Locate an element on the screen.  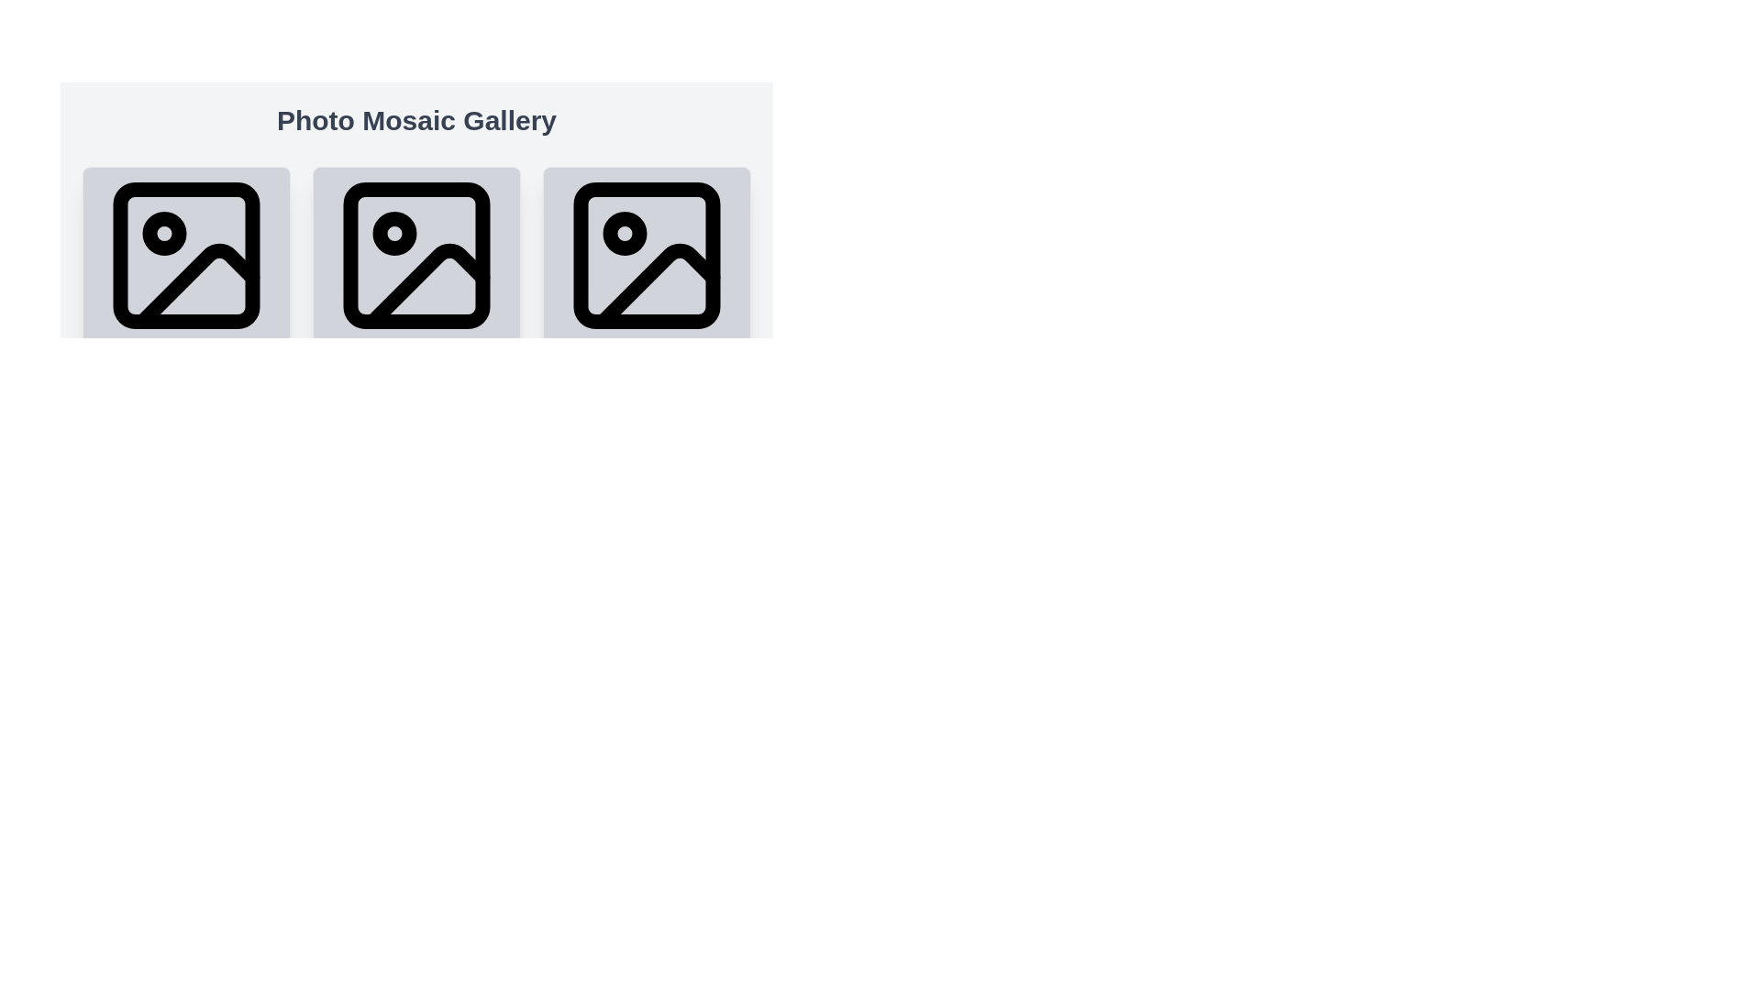
the image icon component, which is a square with rounded corners featuring a smaller circle and a diagonal line, located in the top-left of the horizontally aligned list is located at coordinates (186, 255).